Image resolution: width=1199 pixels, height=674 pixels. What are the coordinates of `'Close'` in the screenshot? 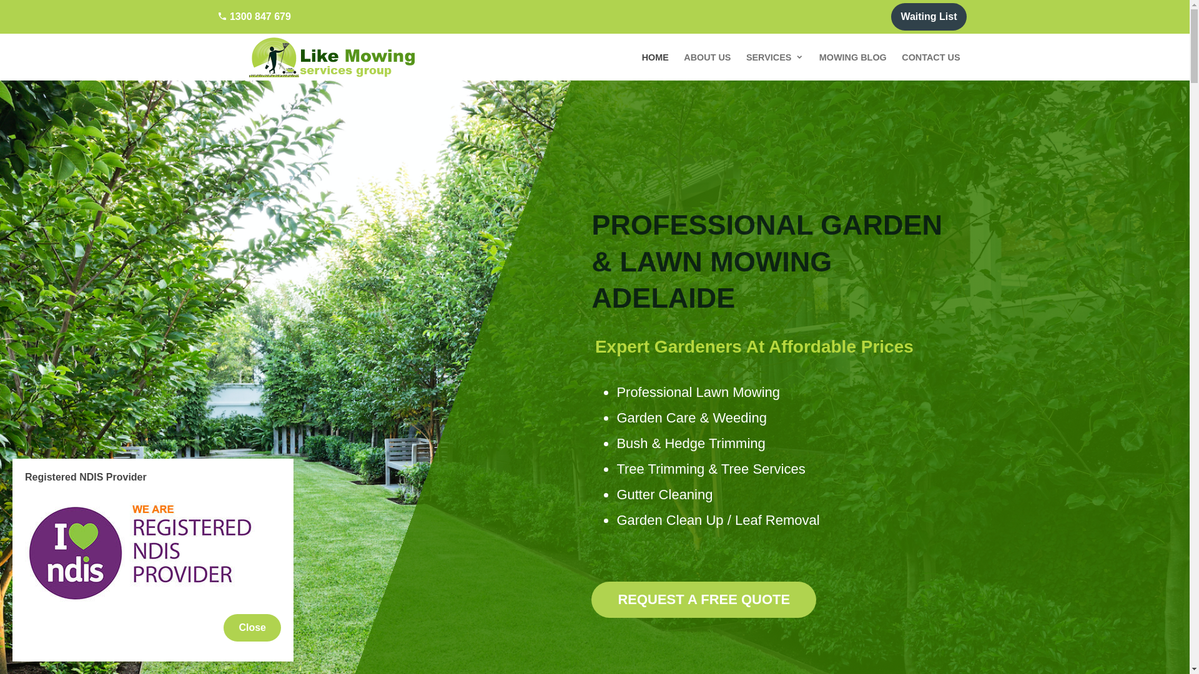 It's located at (224, 628).